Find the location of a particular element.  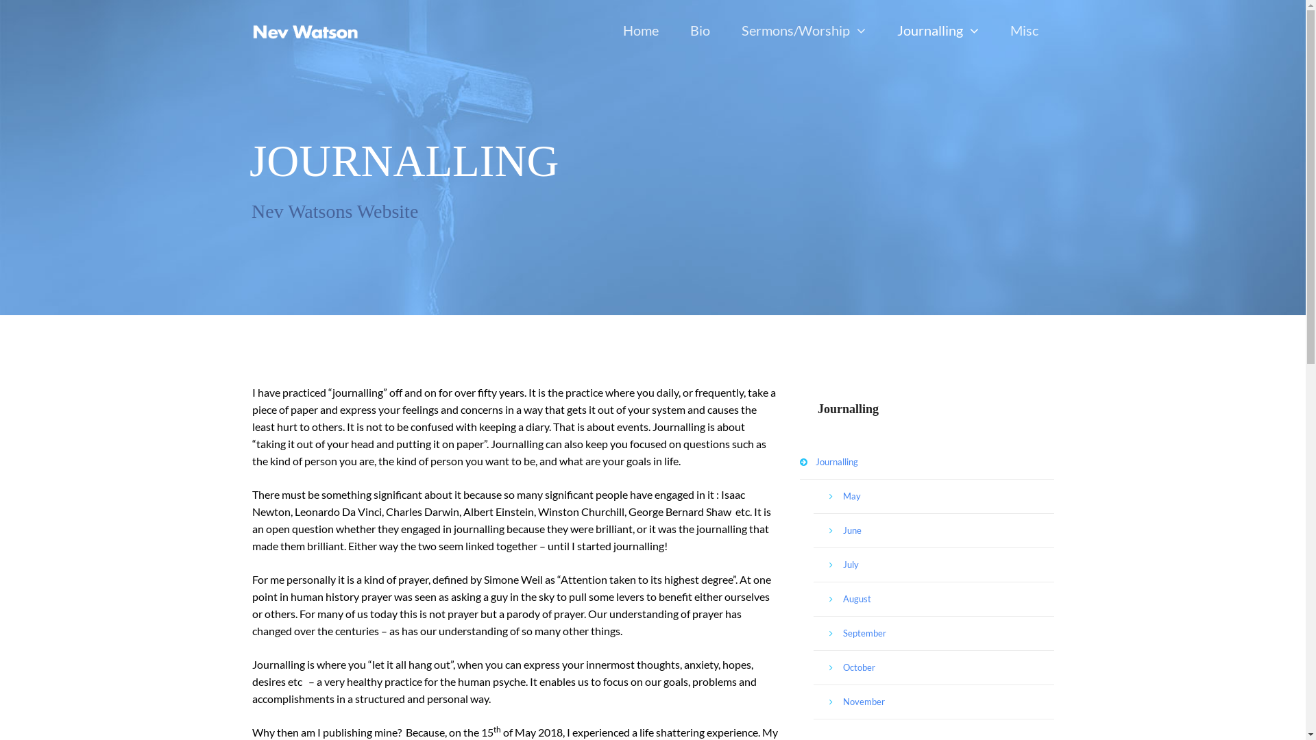

'Home' is located at coordinates (640, 31).